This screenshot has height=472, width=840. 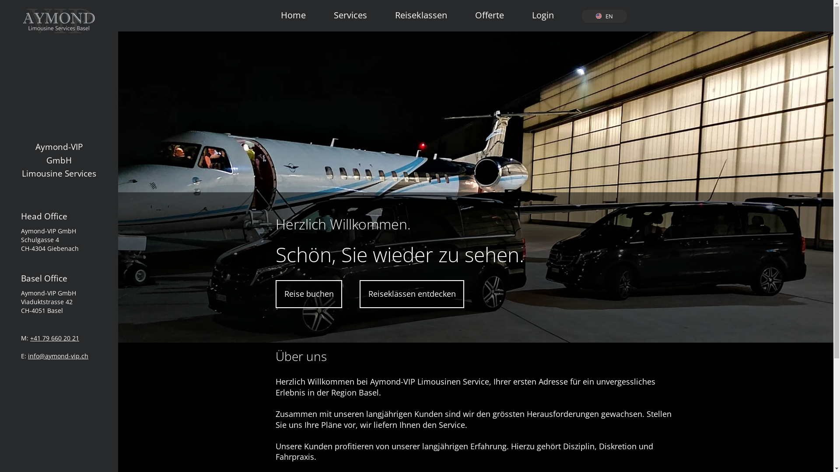 I want to click on 'info@aymond-vip.ch', so click(x=58, y=356).